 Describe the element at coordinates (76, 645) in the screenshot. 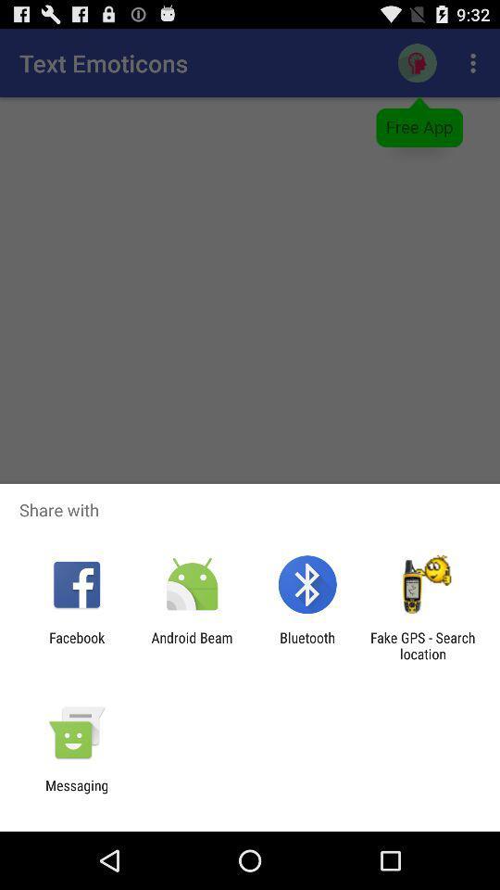

I see `item next to android beam icon` at that location.